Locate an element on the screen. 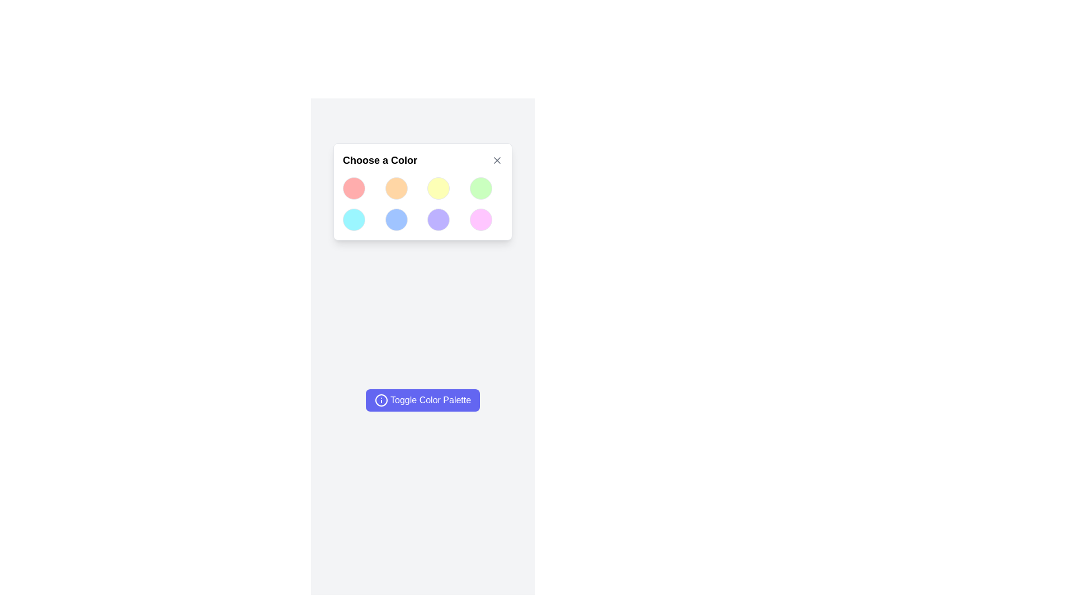  the Close button (icon-based) represented by an 'X' icon in gray color located at the top-right corner of the 'Choose a Color' interface is located at coordinates (496, 160).